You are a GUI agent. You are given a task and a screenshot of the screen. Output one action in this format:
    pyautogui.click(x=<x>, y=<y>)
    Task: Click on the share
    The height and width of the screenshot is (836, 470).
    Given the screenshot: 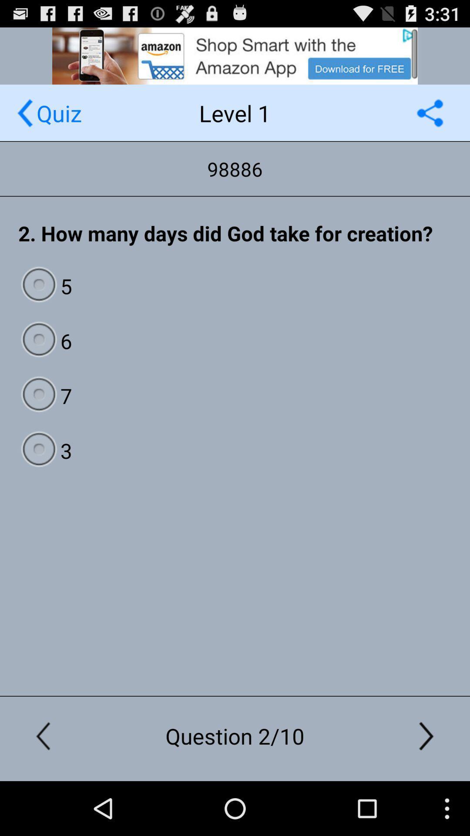 What is the action you would take?
    pyautogui.click(x=430, y=112)
    